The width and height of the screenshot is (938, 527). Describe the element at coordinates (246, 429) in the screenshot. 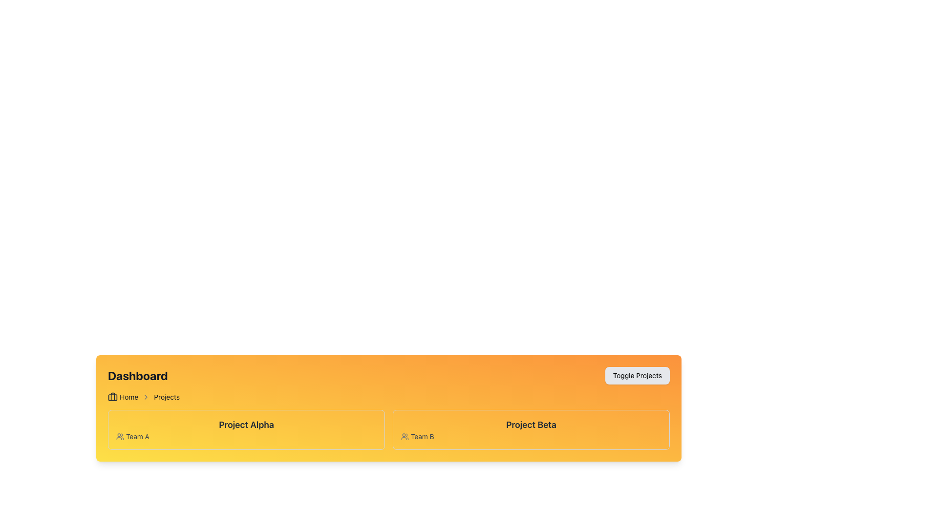

I see `the first project team card in the grid layout` at that location.